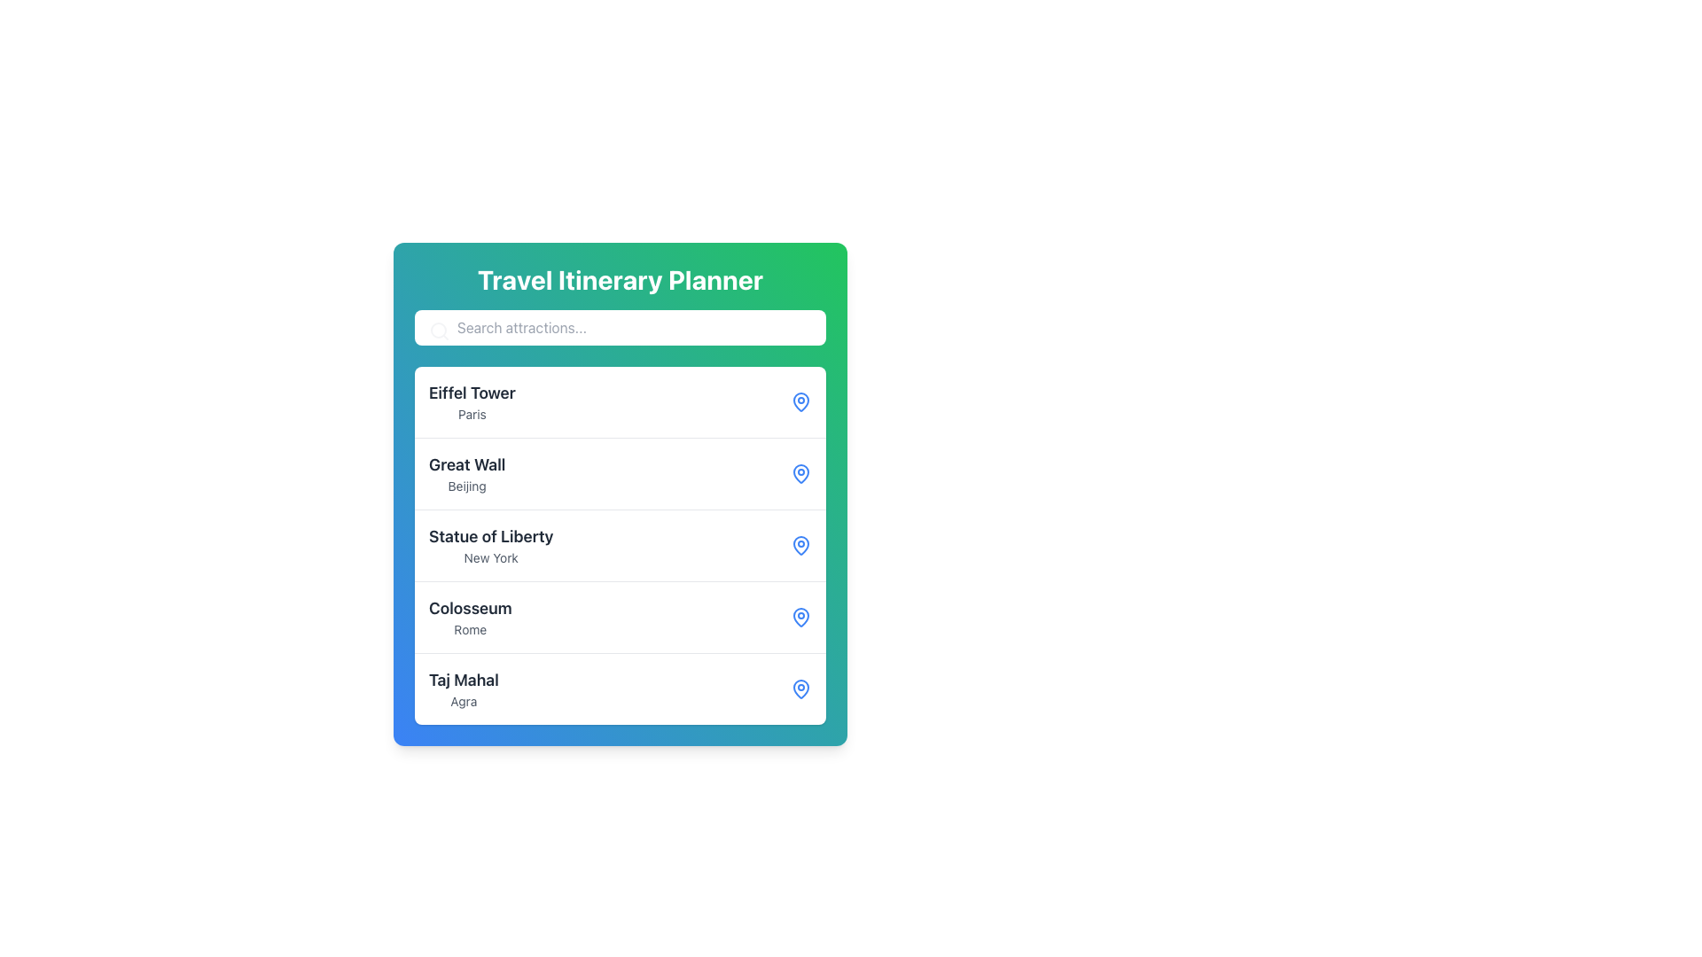 This screenshot has height=957, width=1702. Describe the element at coordinates (621, 402) in the screenshot. I see `the first list item representing the Eiffel Tower in Paris` at that location.